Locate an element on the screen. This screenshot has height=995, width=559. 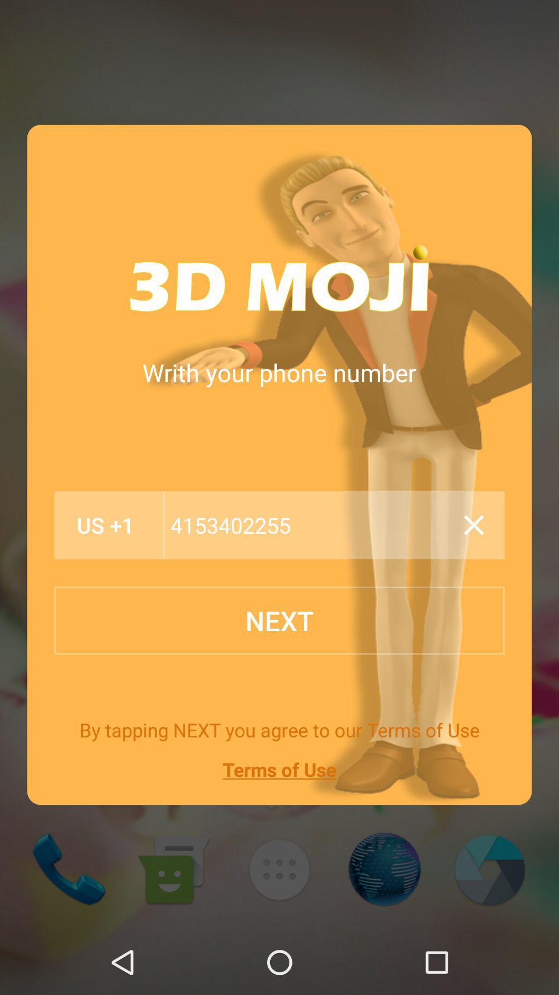
the close icon is located at coordinates (474, 525).